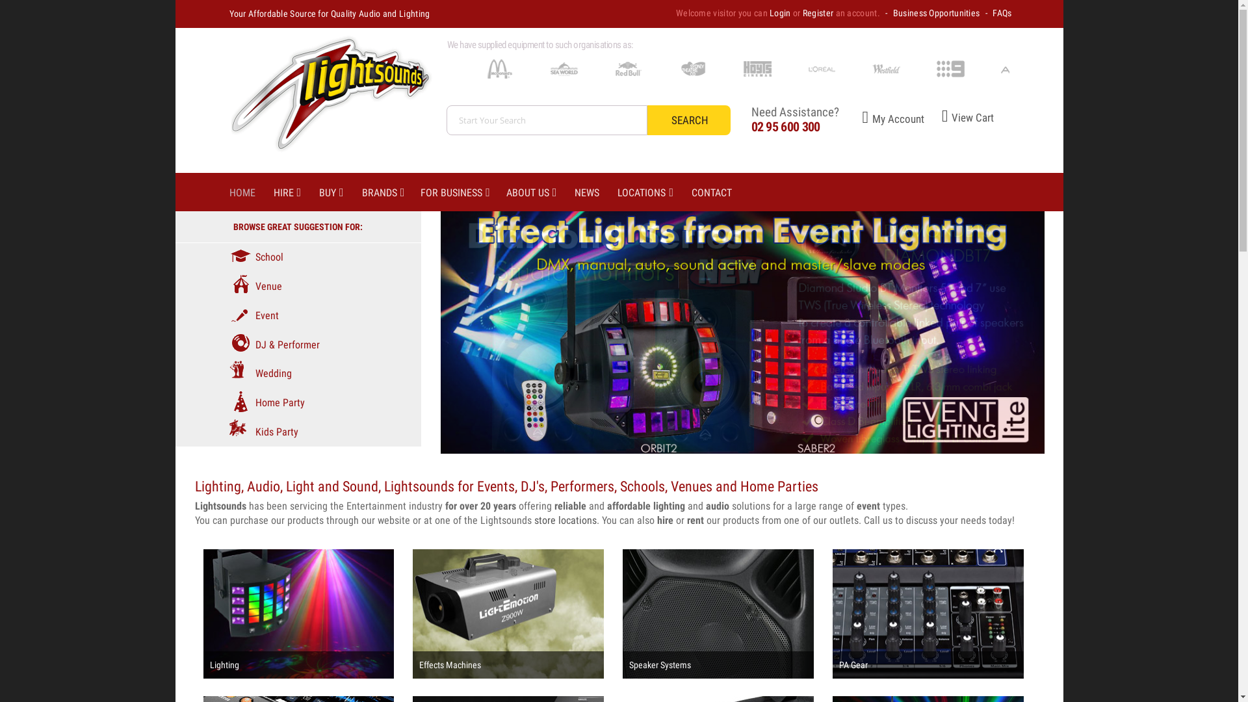 The width and height of the screenshot is (1248, 702). What do you see at coordinates (688, 120) in the screenshot?
I see `'SEARCH'` at bounding box center [688, 120].